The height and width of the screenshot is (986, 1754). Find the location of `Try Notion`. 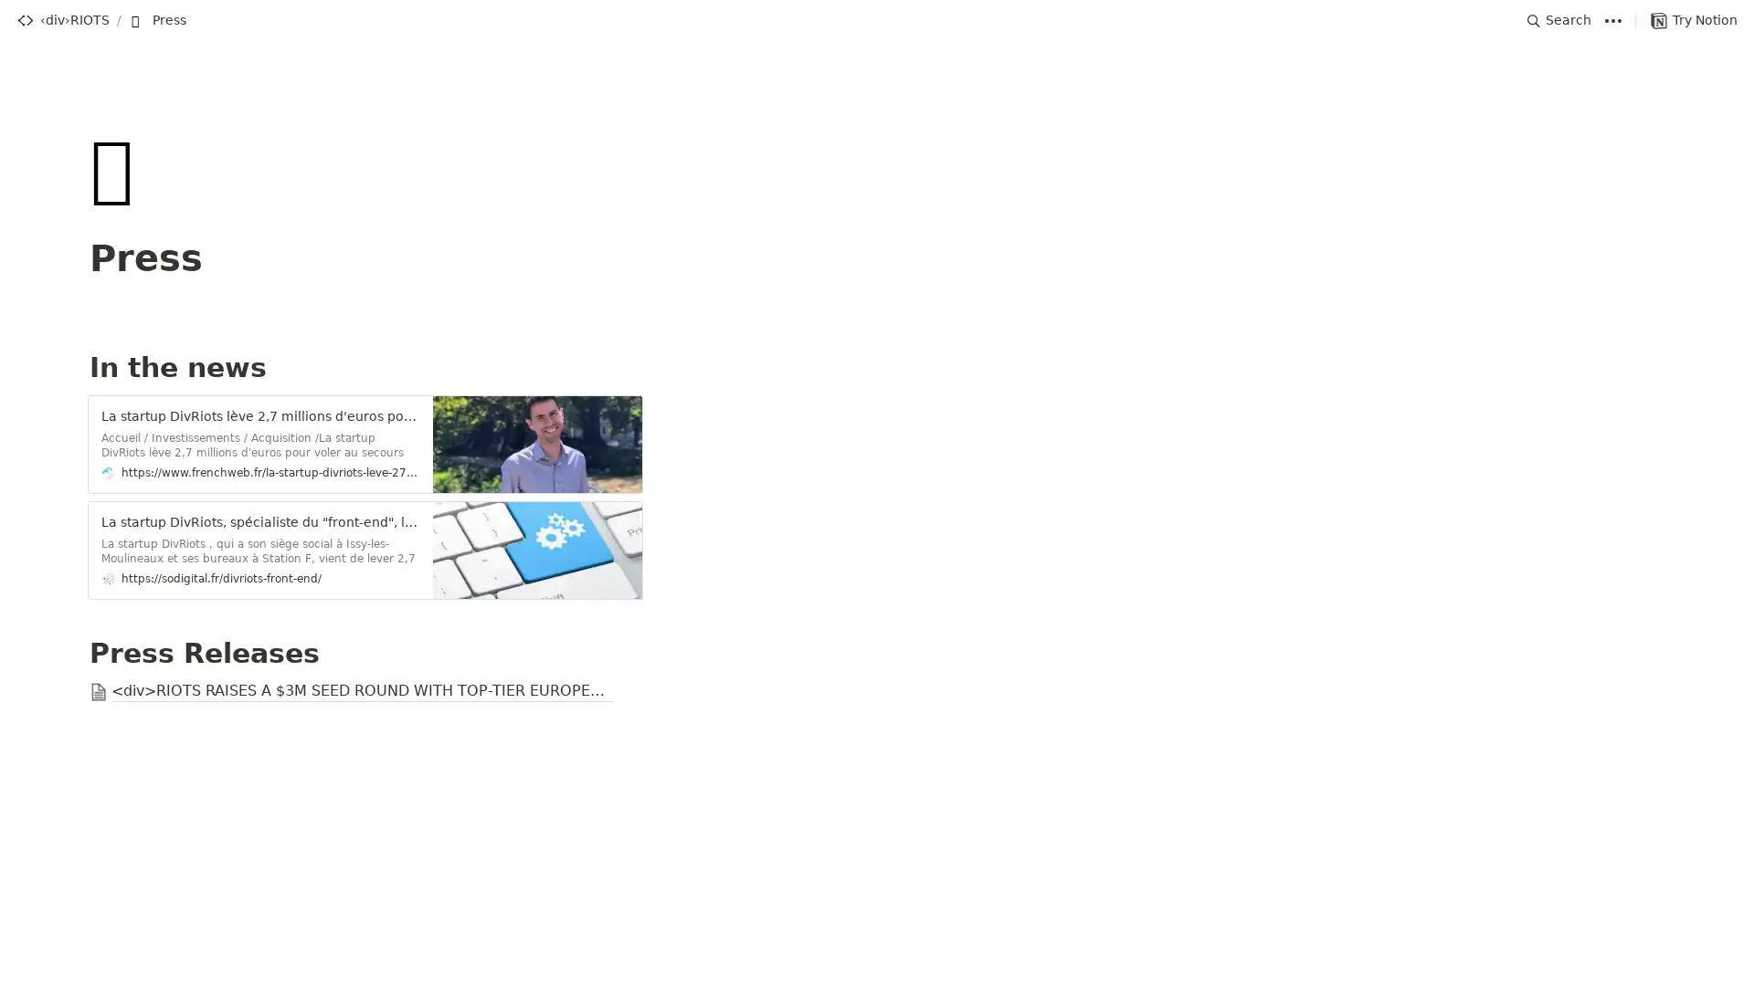

Try Notion is located at coordinates (1693, 20).